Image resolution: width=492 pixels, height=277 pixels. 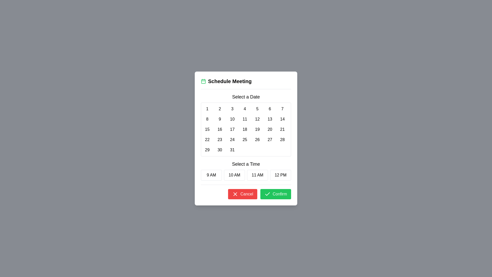 I want to click on the button representing the date '5' in the date picker calendar, so click(x=257, y=108).